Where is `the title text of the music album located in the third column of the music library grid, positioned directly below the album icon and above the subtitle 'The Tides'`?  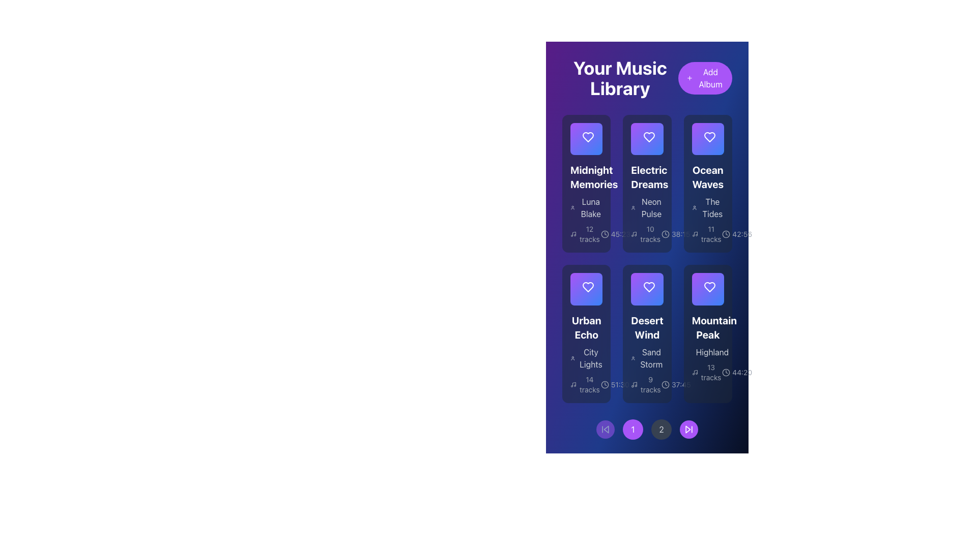
the title text of the music album located in the third column of the music library grid, positioned directly below the album icon and above the subtitle 'The Tides' is located at coordinates (707, 177).